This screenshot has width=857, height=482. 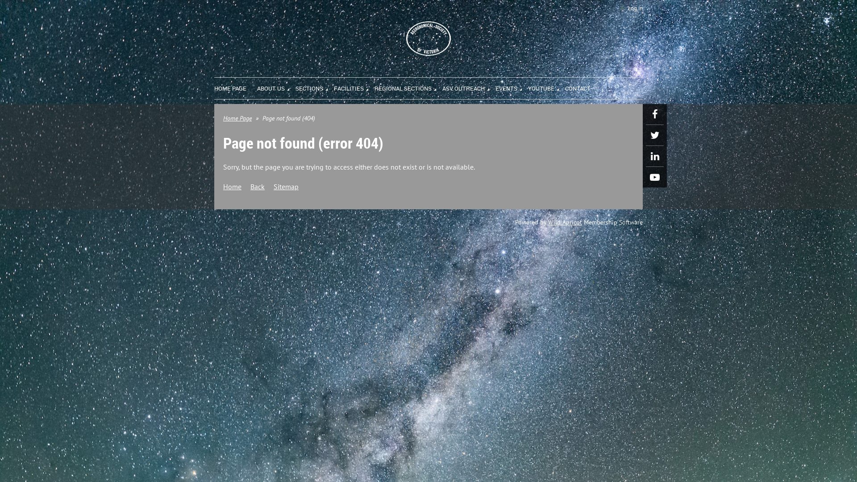 What do you see at coordinates (276, 87) in the screenshot?
I see `'ABOUT US'` at bounding box center [276, 87].